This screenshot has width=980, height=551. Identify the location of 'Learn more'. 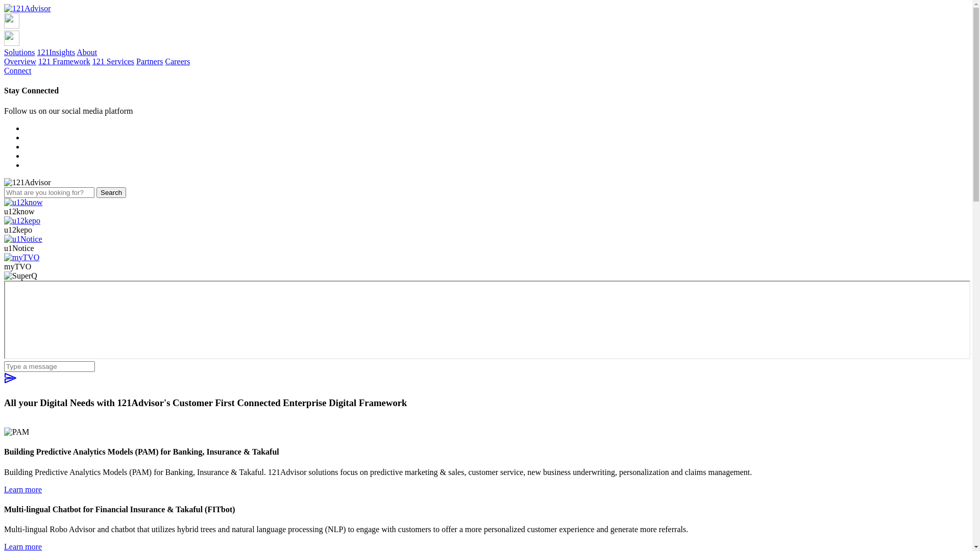
(4, 488).